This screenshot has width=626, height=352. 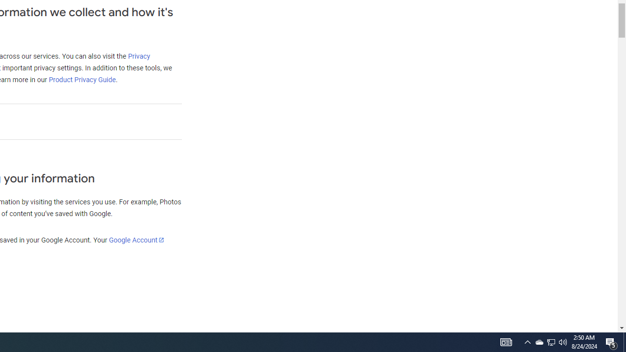 What do you see at coordinates (136, 240) in the screenshot?
I see `'Google Account'` at bounding box center [136, 240].